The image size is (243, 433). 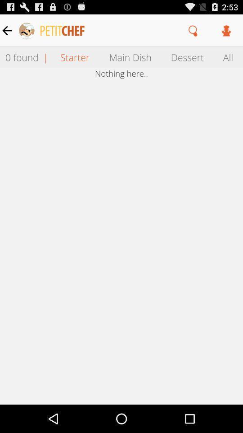 I want to click on all item, so click(x=228, y=56).